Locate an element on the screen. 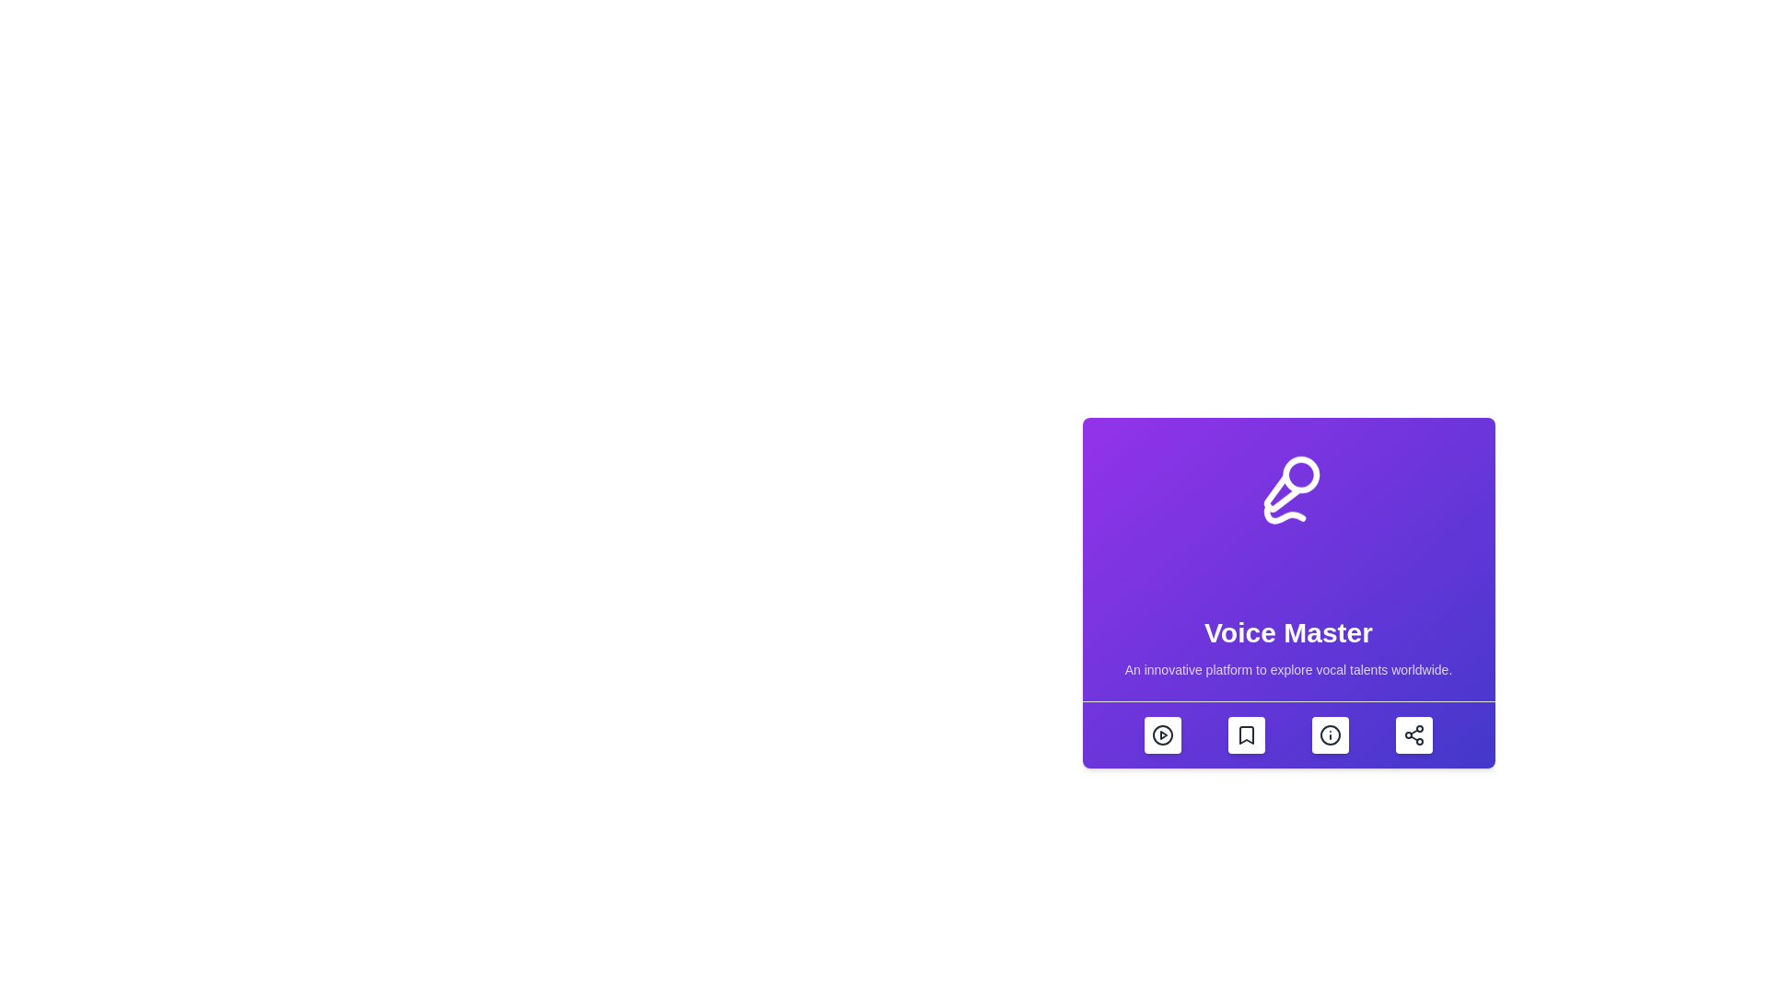 The width and height of the screenshot is (1768, 994). the Text block containing the title 'Voice Master' and its subtitle for accessibility purposes is located at coordinates (1287, 647).